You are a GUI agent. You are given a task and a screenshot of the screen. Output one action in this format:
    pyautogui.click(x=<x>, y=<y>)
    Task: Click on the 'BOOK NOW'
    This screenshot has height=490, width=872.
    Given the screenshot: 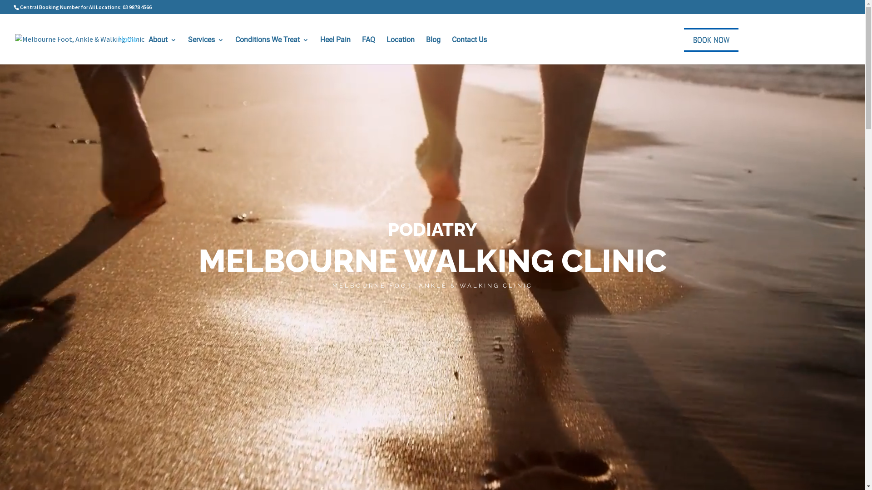 What is the action you would take?
    pyautogui.click(x=684, y=39)
    